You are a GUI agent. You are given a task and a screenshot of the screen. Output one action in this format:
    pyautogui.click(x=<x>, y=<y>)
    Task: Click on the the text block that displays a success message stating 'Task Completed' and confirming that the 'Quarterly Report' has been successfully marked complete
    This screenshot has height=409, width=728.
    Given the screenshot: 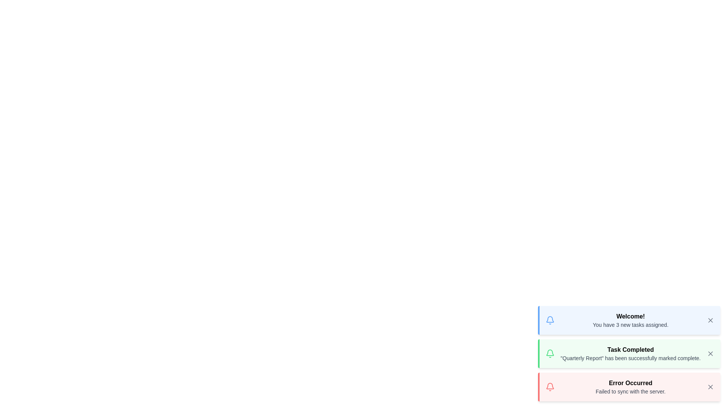 What is the action you would take?
    pyautogui.click(x=631, y=353)
    